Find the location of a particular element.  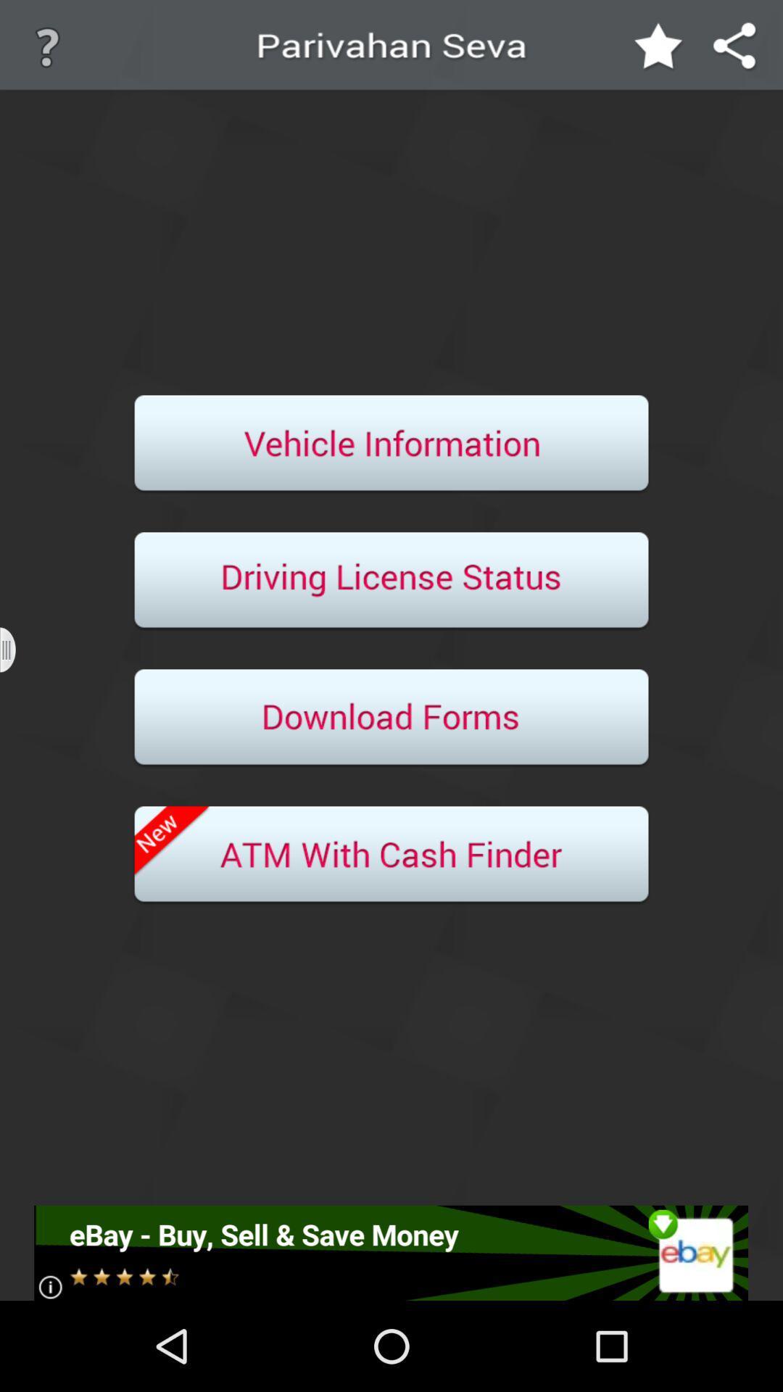

share with friends is located at coordinates (735, 47).